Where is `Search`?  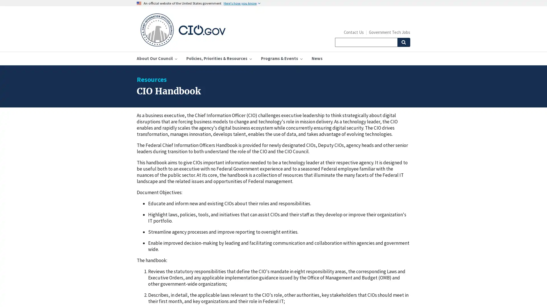 Search is located at coordinates (403, 42).